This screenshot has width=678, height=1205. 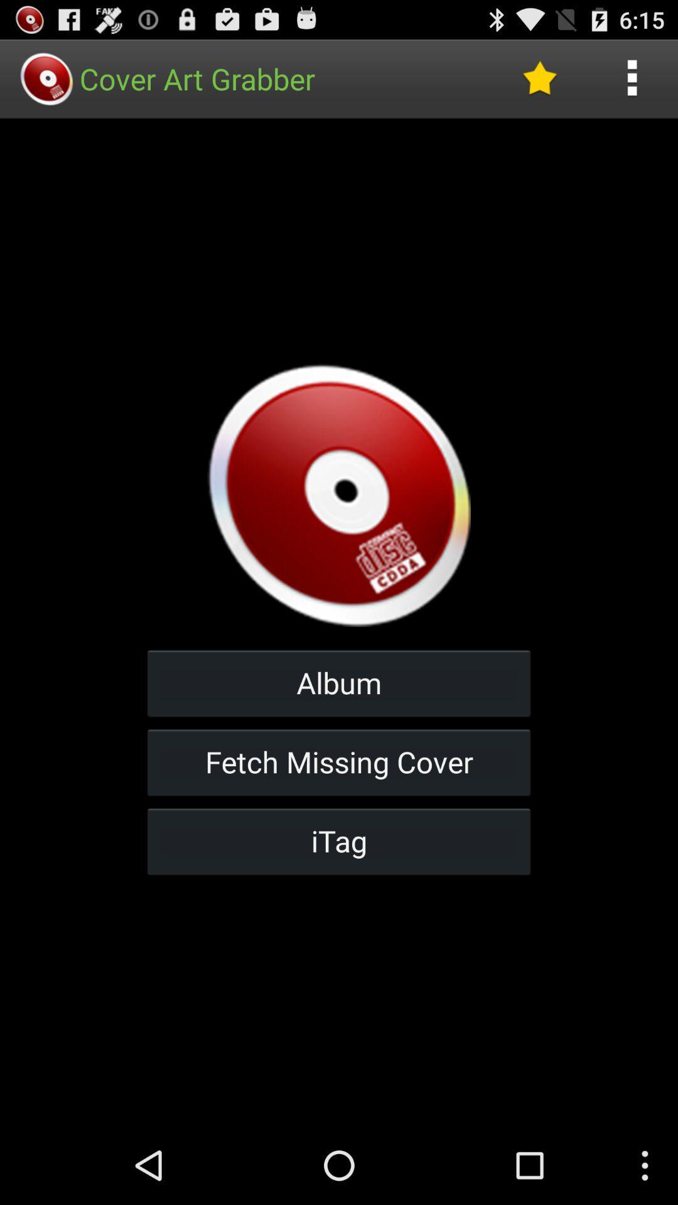 What do you see at coordinates (339, 761) in the screenshot?
I see `item below the album icon` at bounding box center [339, 761].